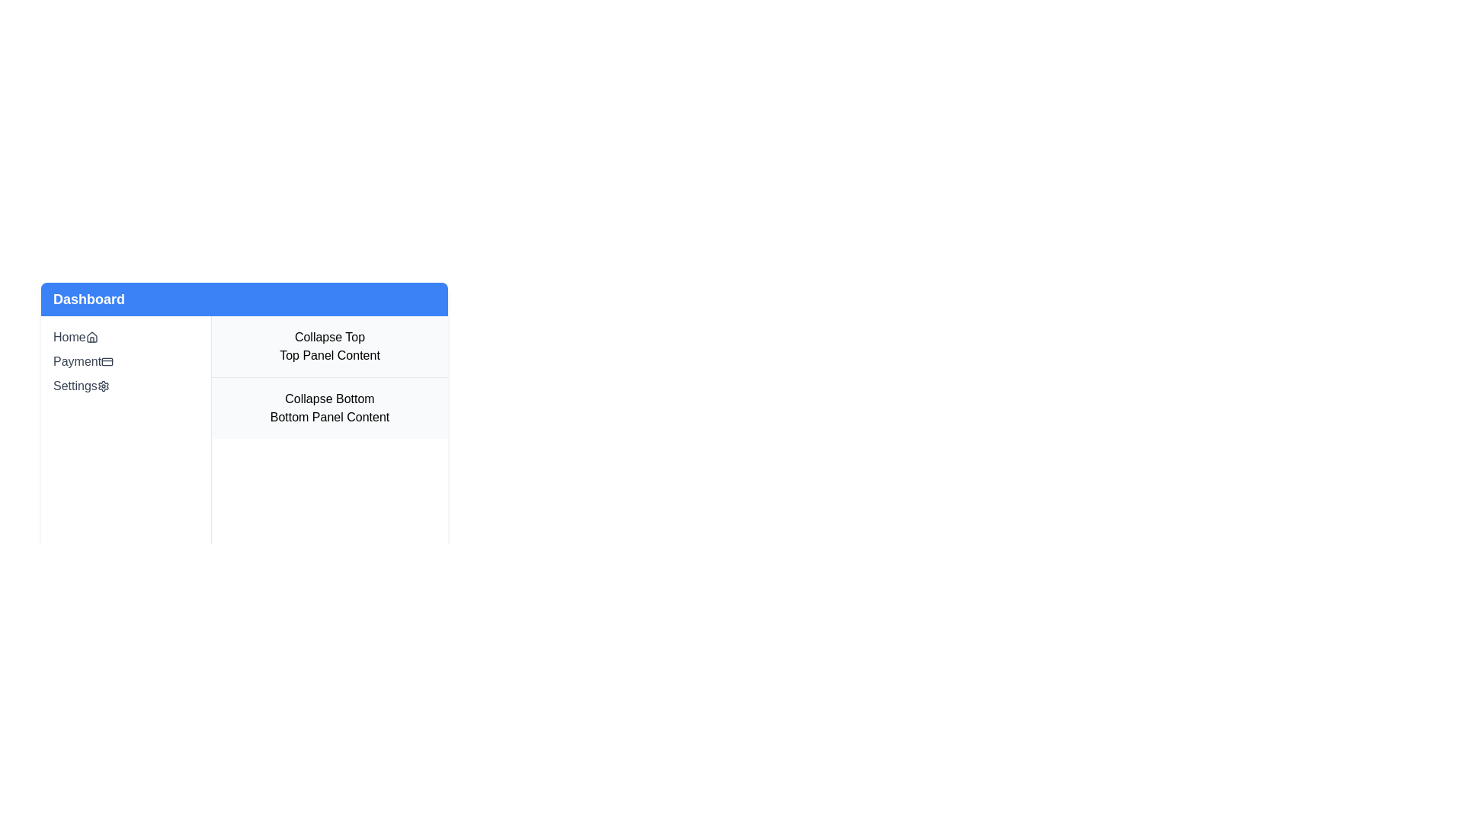  I want to click on the static text label displaying 'Bottom Panel Content', which is located beneath the 'Collapse Bottom' label and is horizontally centered in the lower middle section of the interface, so click(328, 417).